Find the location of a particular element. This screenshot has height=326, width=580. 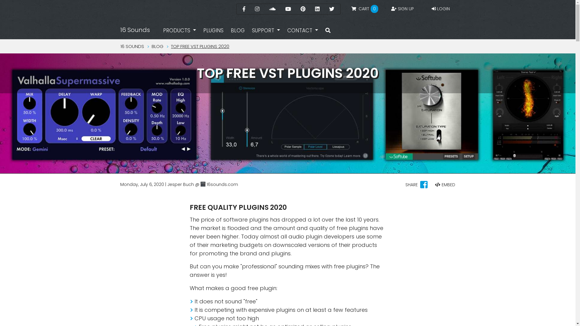

'LOGIN' is located at coordinates (441, 9).